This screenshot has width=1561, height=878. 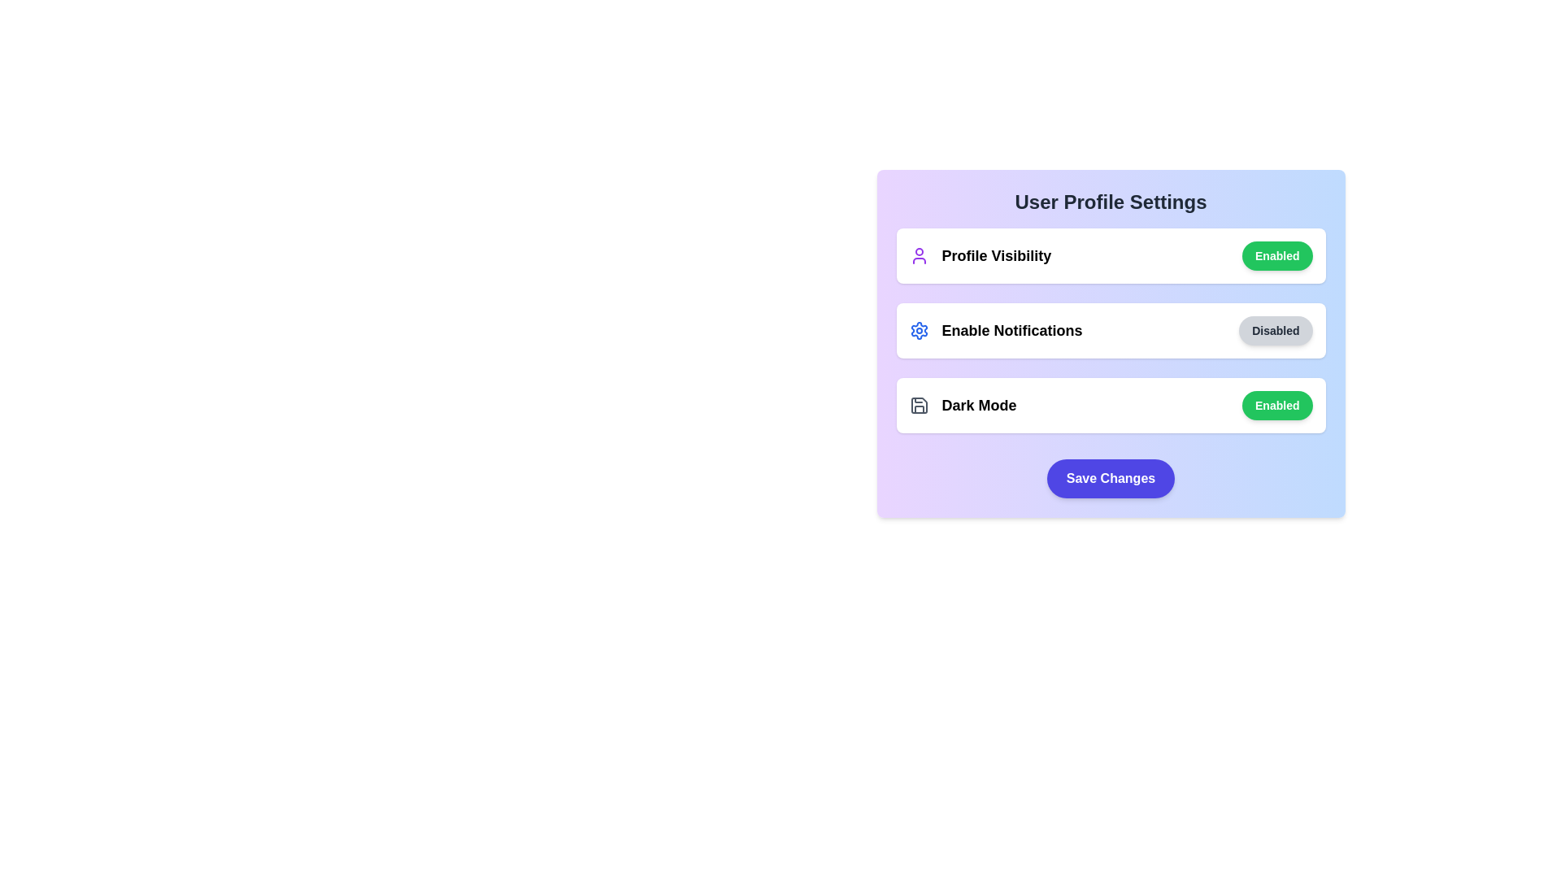 What do you see at coordinates (1110, 404) in the screenshot?
I see `the Dark Mode section to observe visual feedback` at bounding box center [1110, 404].